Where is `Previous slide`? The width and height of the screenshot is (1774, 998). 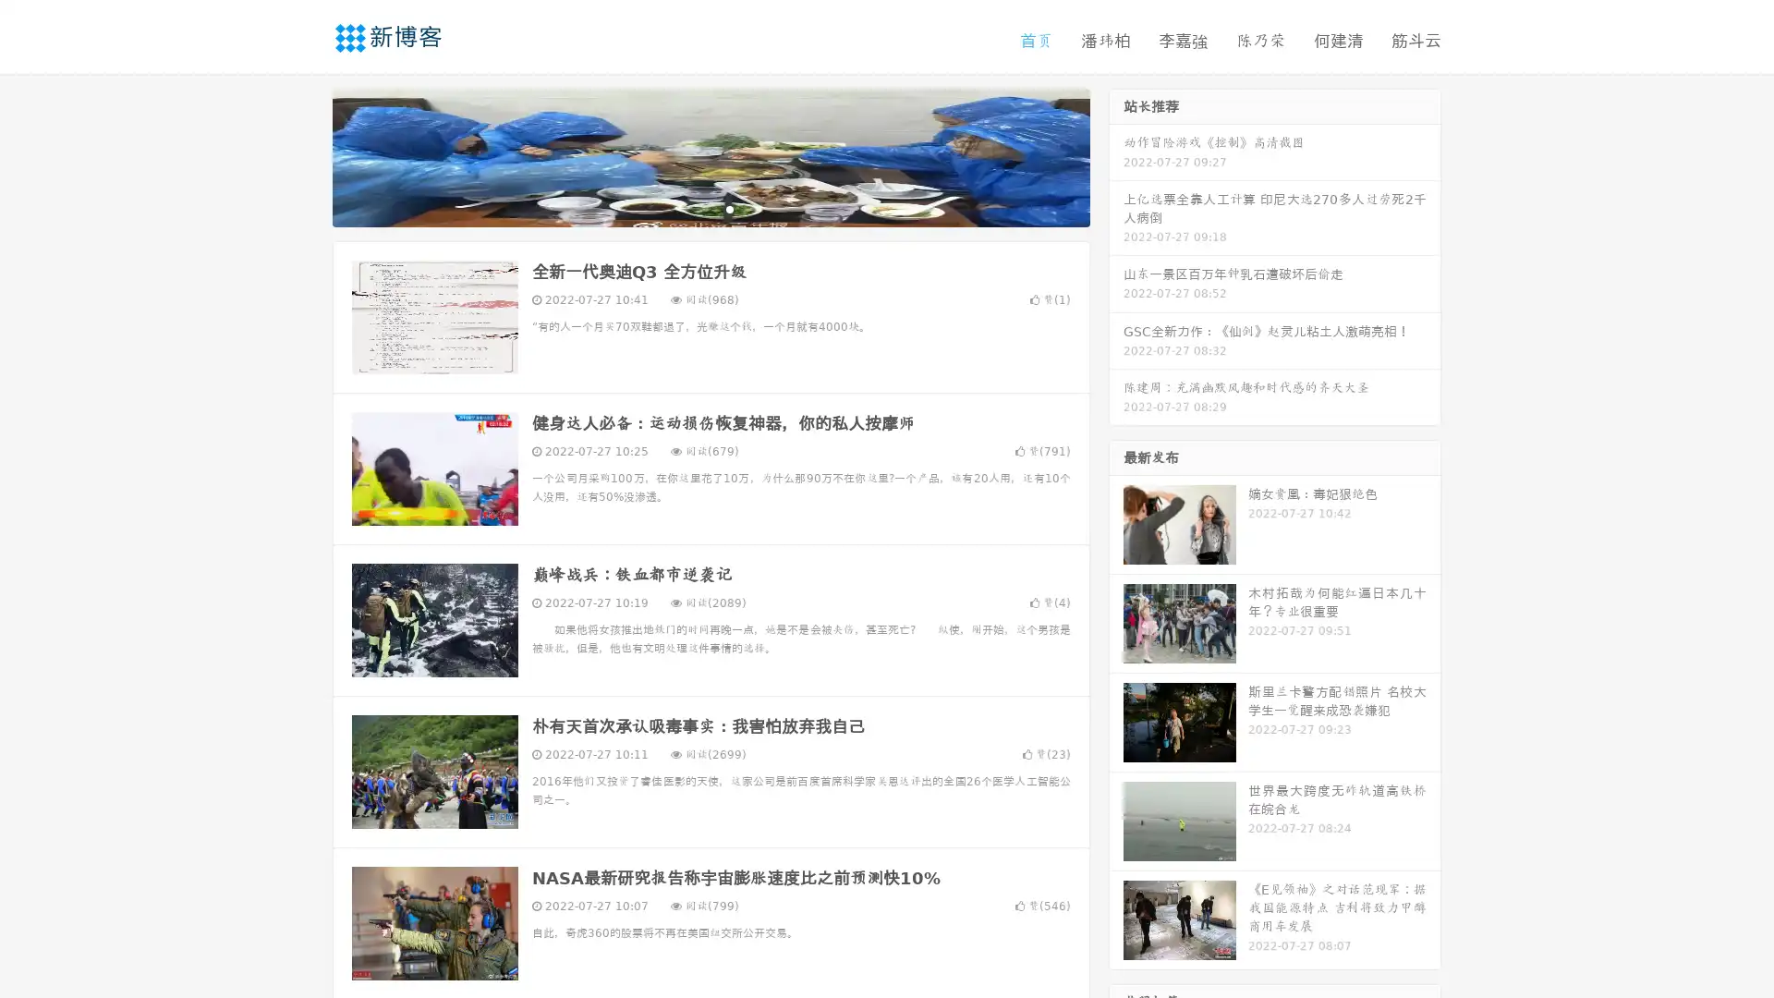 Previous slide is located at coordinates (305, 155).